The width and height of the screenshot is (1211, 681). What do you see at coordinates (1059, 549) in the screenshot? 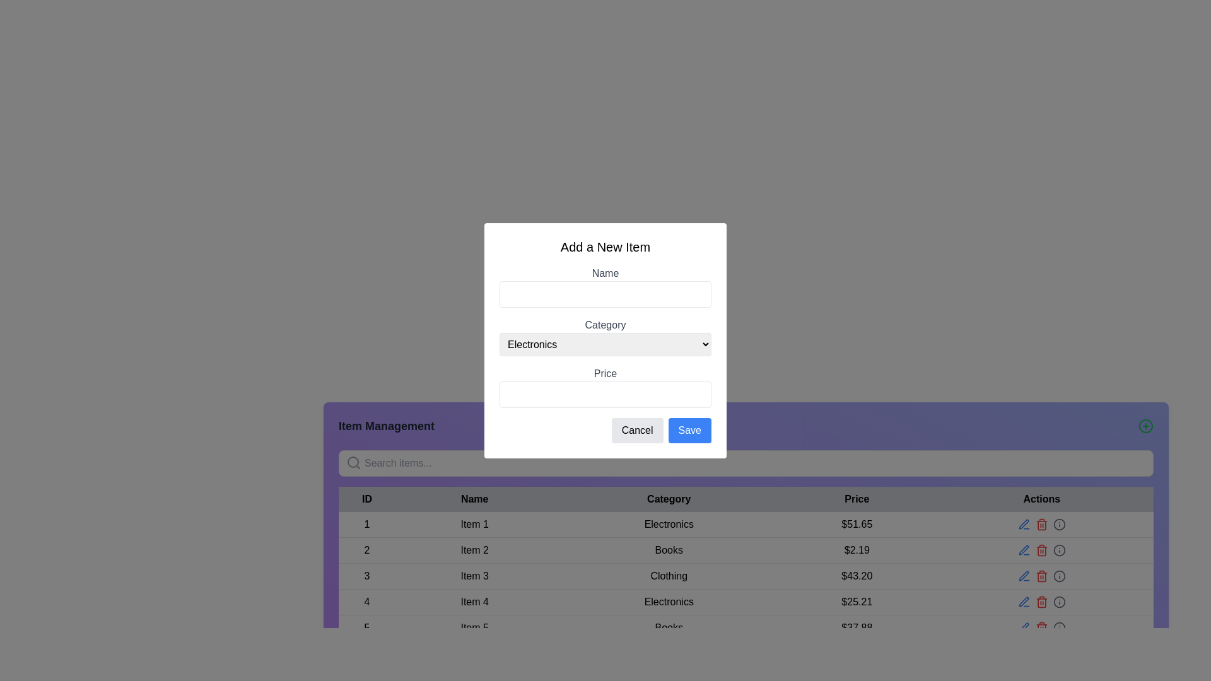
I see `the Icon button styled as an interactive information symbol located in the 'Actions' column of the table row for 'Item 2', which is the fourth icon in that row` at bounding box center [1059, 549].